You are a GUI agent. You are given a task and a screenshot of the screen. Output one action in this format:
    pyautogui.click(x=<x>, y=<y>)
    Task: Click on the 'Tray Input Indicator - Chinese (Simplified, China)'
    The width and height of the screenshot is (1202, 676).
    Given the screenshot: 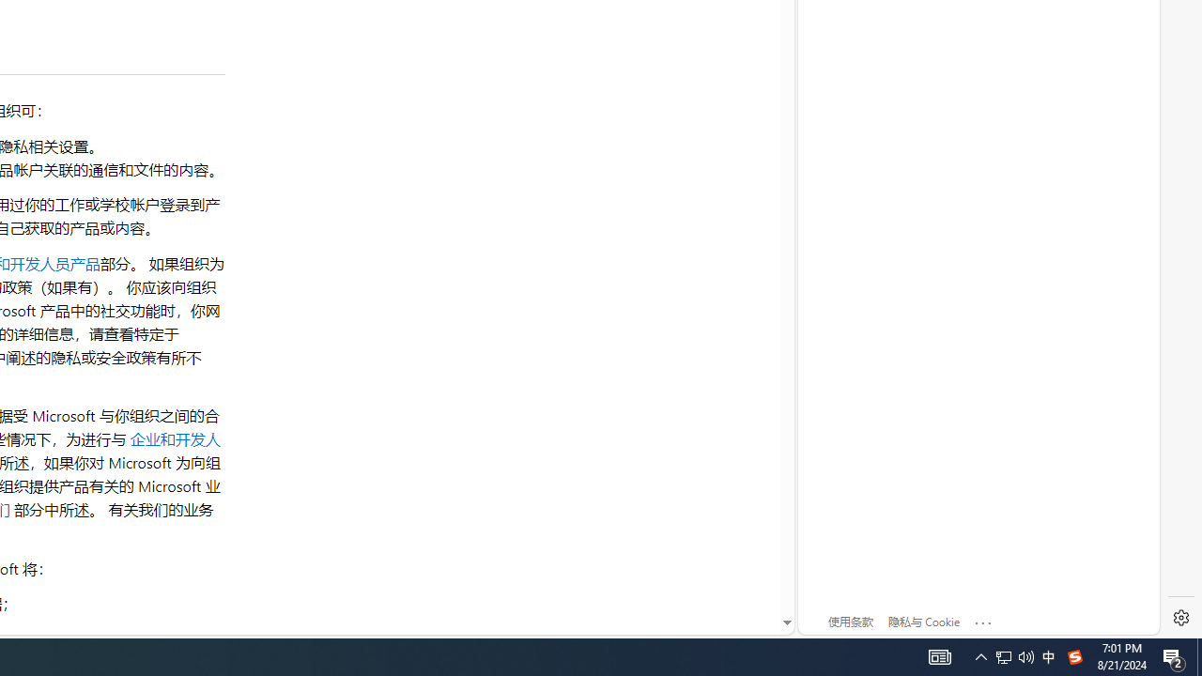 What is the action you would take?
    pyautogui.click(x=1003, y=655)
    